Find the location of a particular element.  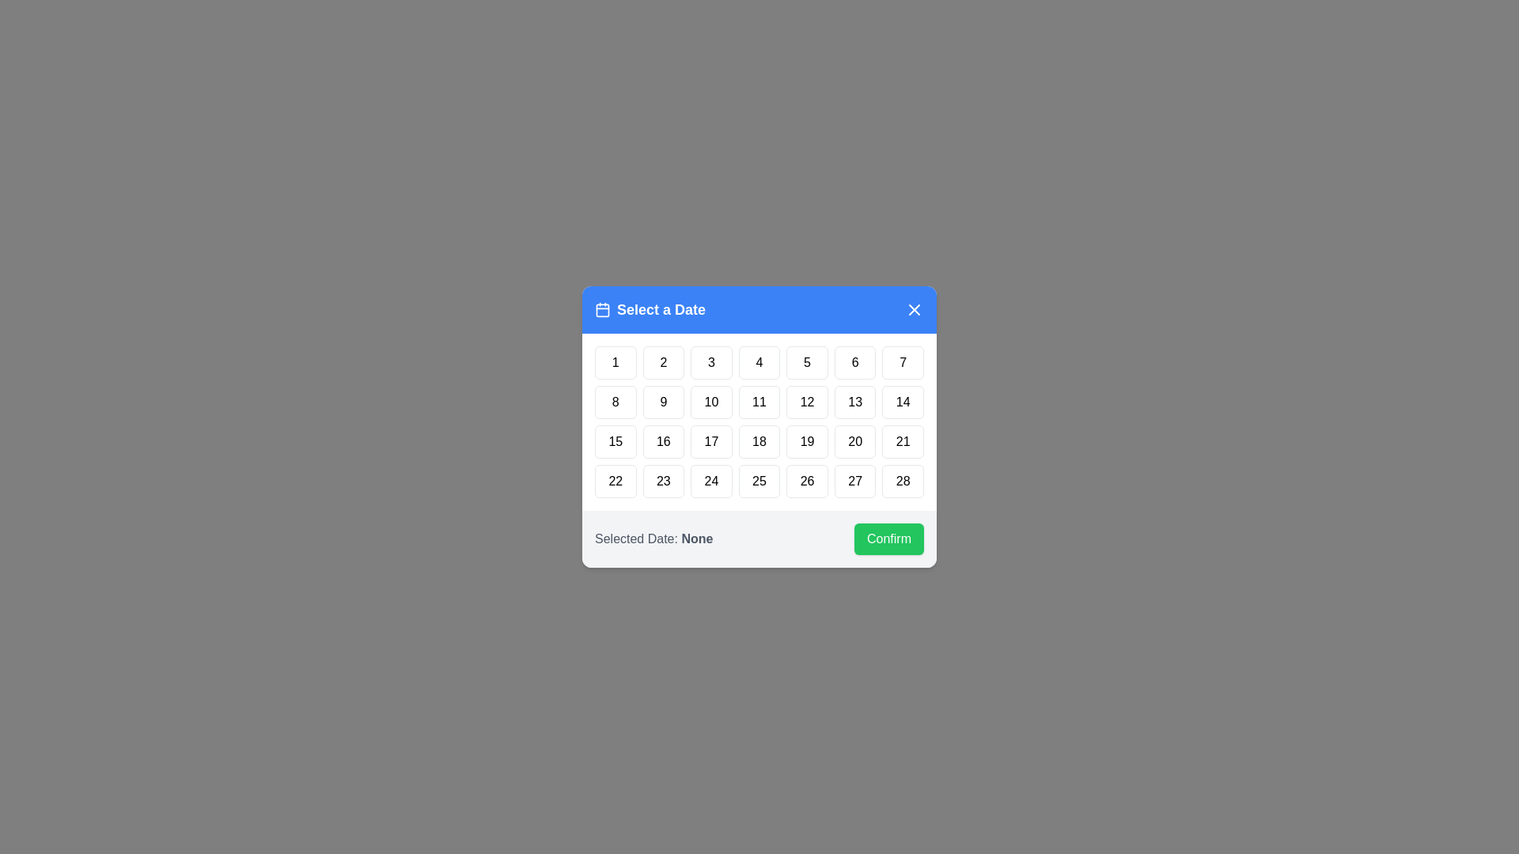

the day button labeled 27 to highlight it is located at coordinates (854, 481).